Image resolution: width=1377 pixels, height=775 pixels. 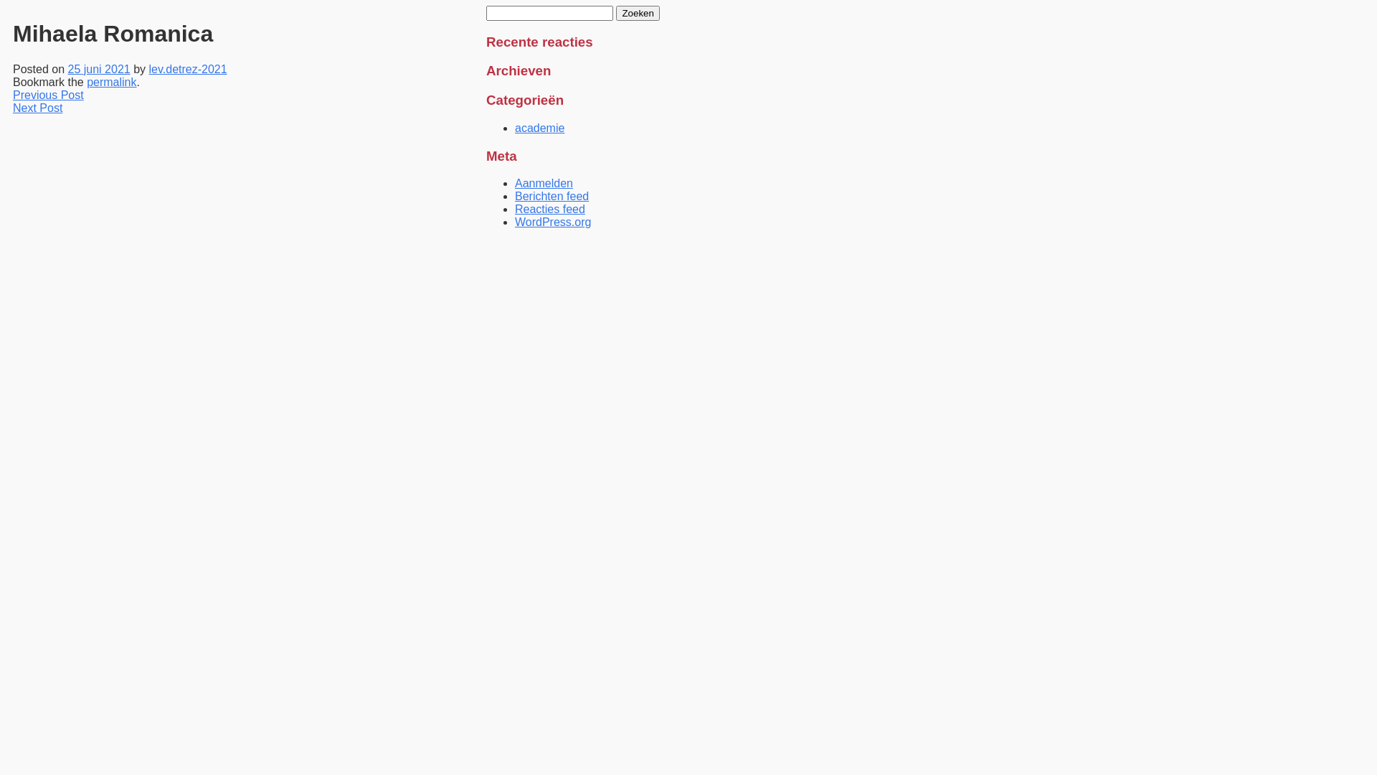 What do you see at coordinates (543, 182) in the screenshot?
I see `'Aanmelden'` at bounding box center [543, 182].